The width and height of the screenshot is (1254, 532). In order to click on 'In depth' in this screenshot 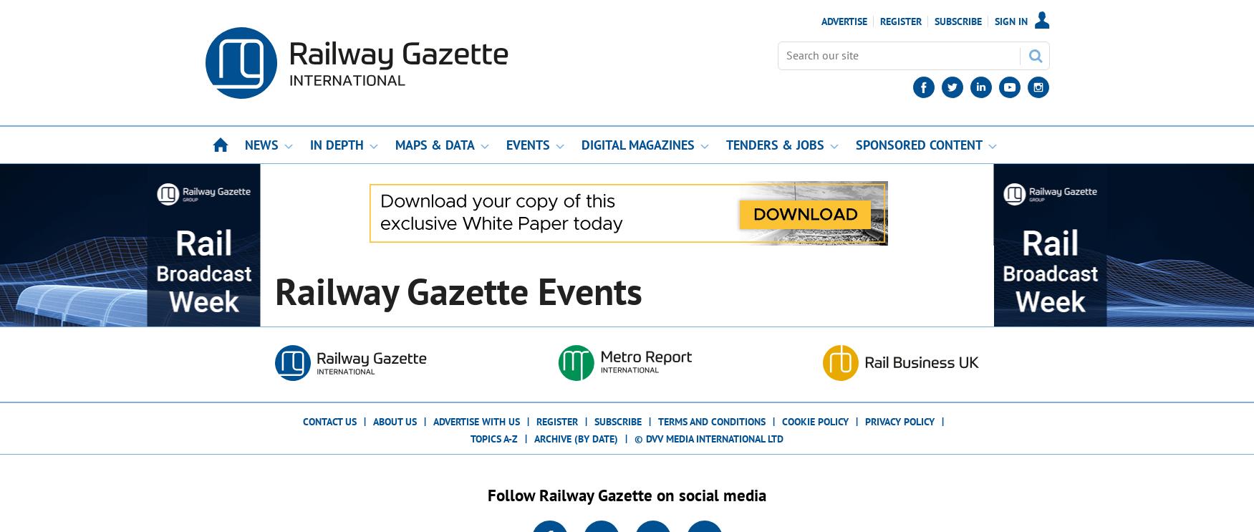, I will do `click(336, 144)`.